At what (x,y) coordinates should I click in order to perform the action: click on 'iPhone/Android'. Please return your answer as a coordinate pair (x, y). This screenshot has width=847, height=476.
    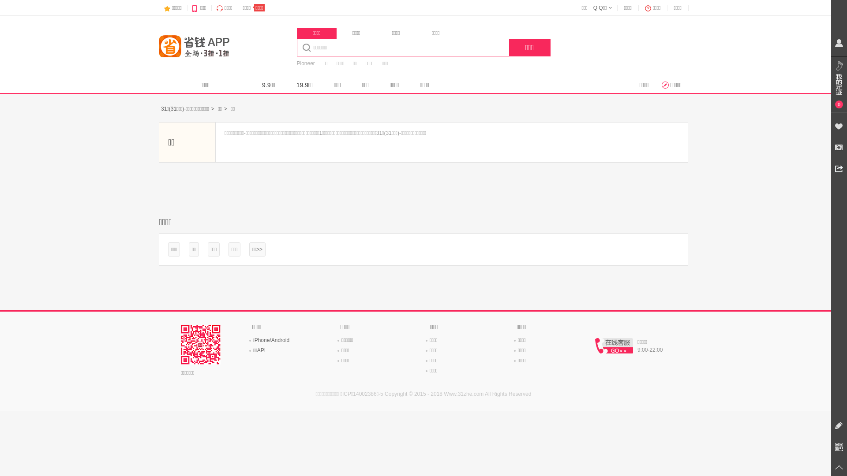
    Looking at the image, I should click on (270, 339).